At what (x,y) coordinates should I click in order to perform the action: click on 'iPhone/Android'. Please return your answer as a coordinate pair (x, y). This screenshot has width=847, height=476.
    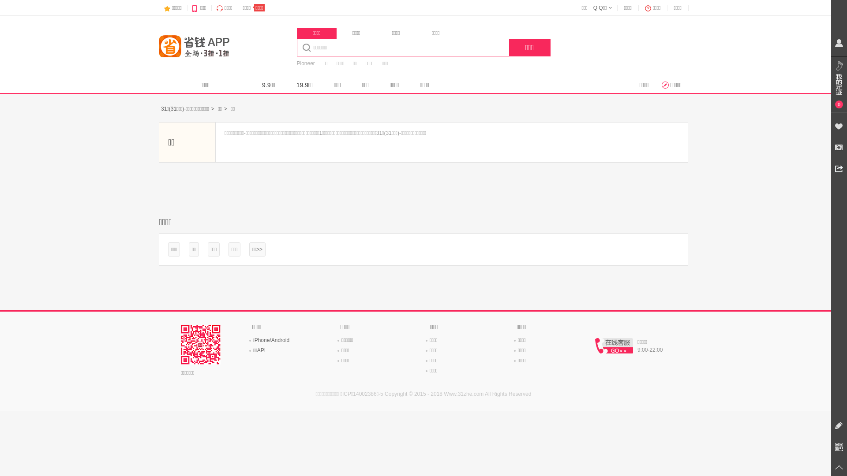
    Looking at the image, I should click on (270, 339).